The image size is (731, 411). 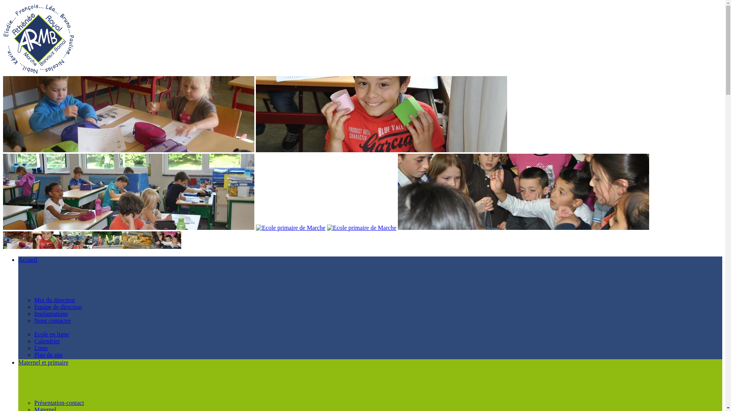 I want to click on 'Nous contacter', so click(x=52, y=320).